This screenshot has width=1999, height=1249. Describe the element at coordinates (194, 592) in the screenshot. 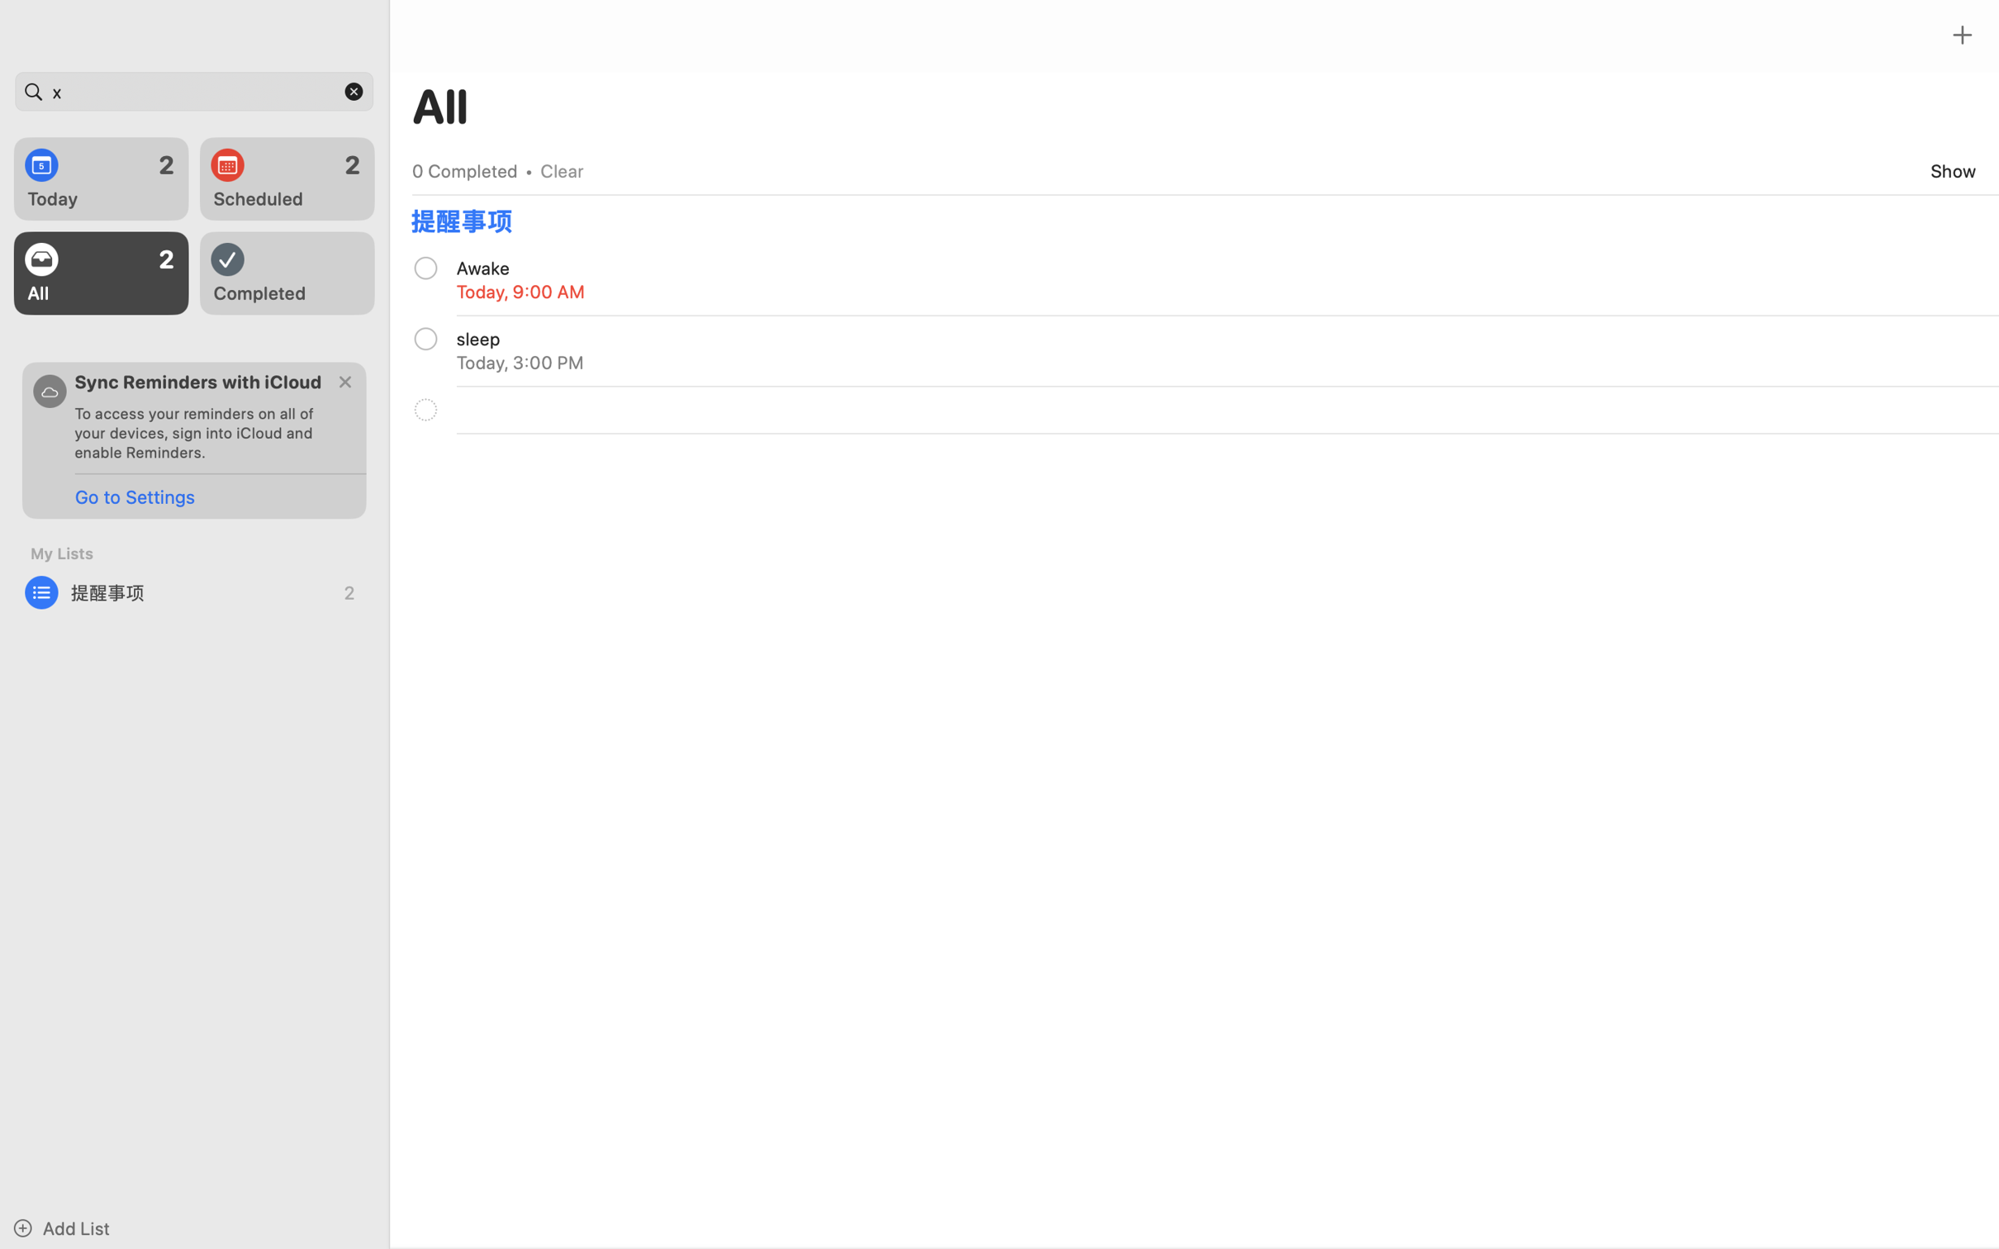

I see `'提醒事项'` at that location.